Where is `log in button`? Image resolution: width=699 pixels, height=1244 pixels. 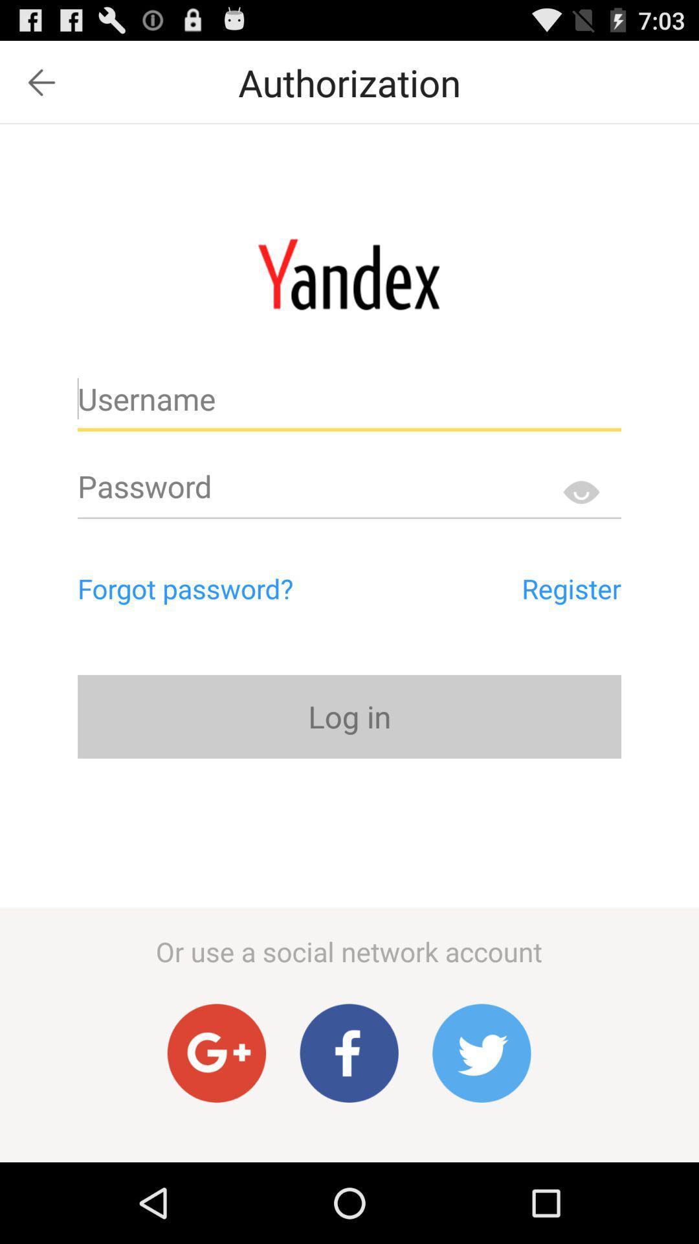 log in button is located at coordinates (349, 716).